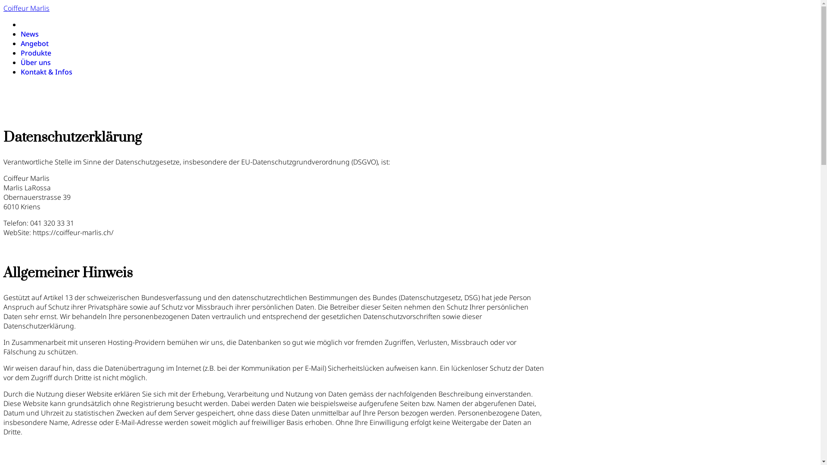  What do you see at coordinates (29, 33) in the screenshot?
I see `'News'` at bounding box center [29, 33].